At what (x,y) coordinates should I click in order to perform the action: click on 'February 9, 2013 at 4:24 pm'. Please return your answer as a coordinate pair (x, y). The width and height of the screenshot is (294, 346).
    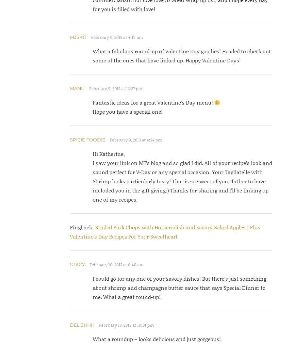
    Looking at the image, I should click on (135, 140).